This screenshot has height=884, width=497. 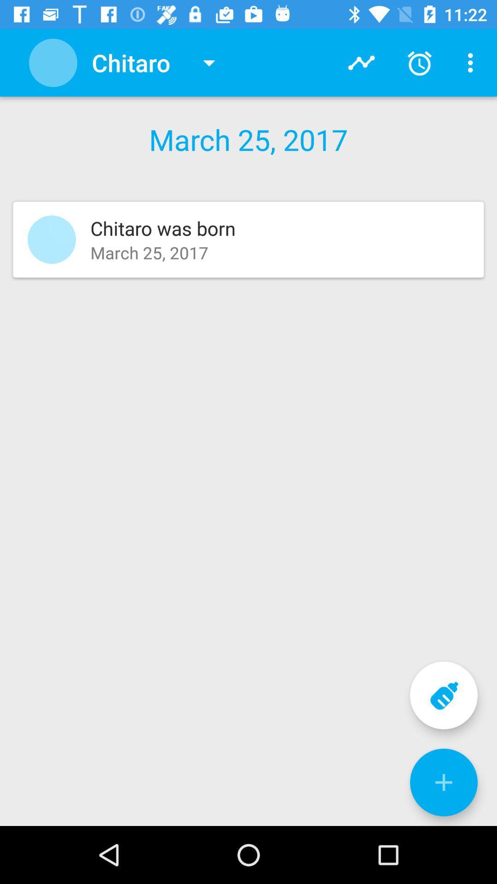 What do you see at coordinates (473, 63) in the screenshot?
I see `menu icon in top` at bounding box center [473, 63].